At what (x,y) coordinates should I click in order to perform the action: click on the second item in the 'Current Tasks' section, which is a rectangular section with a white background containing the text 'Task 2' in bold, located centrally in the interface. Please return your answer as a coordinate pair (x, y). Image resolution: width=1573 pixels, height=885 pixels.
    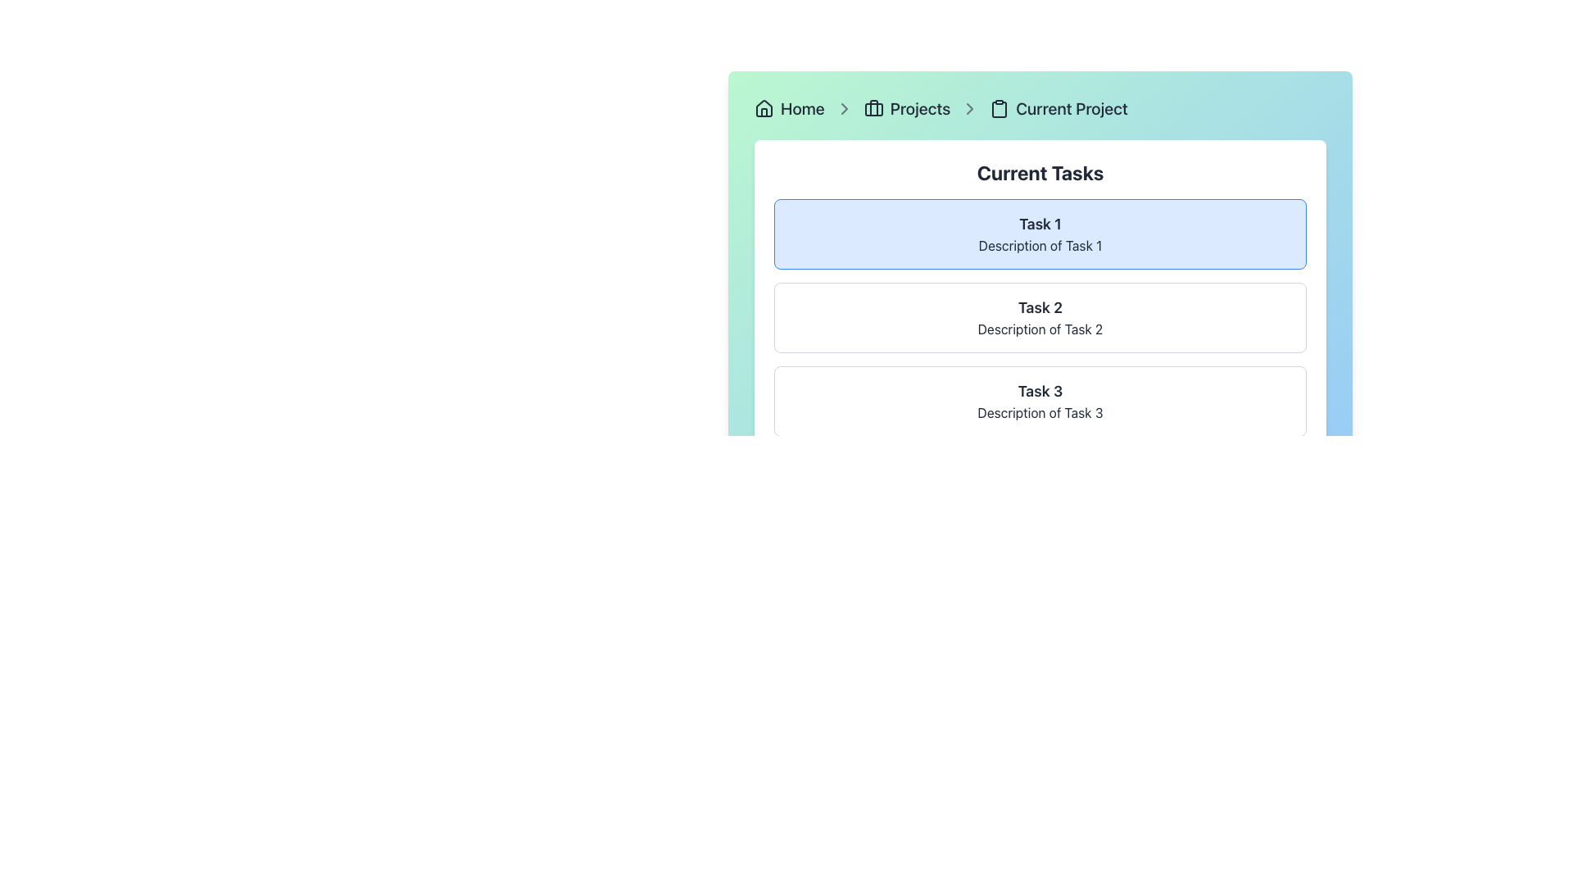
    Looking at the image, I should click on (1040, 318).